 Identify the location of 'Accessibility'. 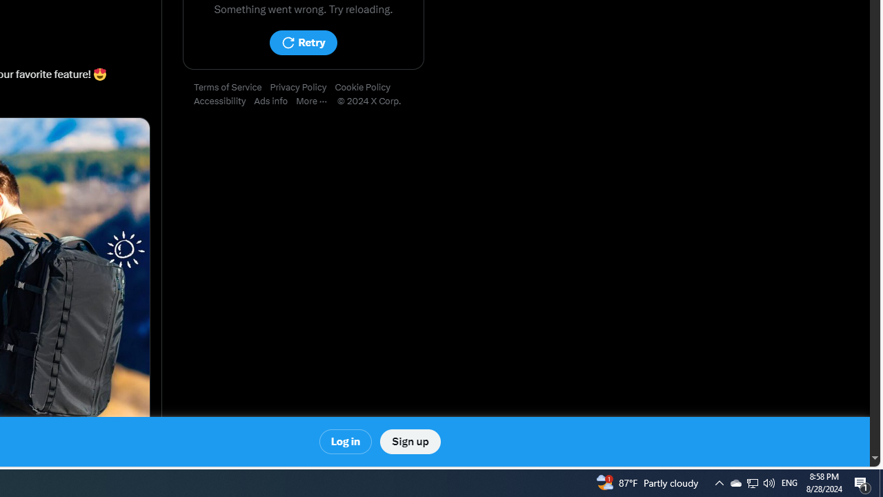
(224, 101).